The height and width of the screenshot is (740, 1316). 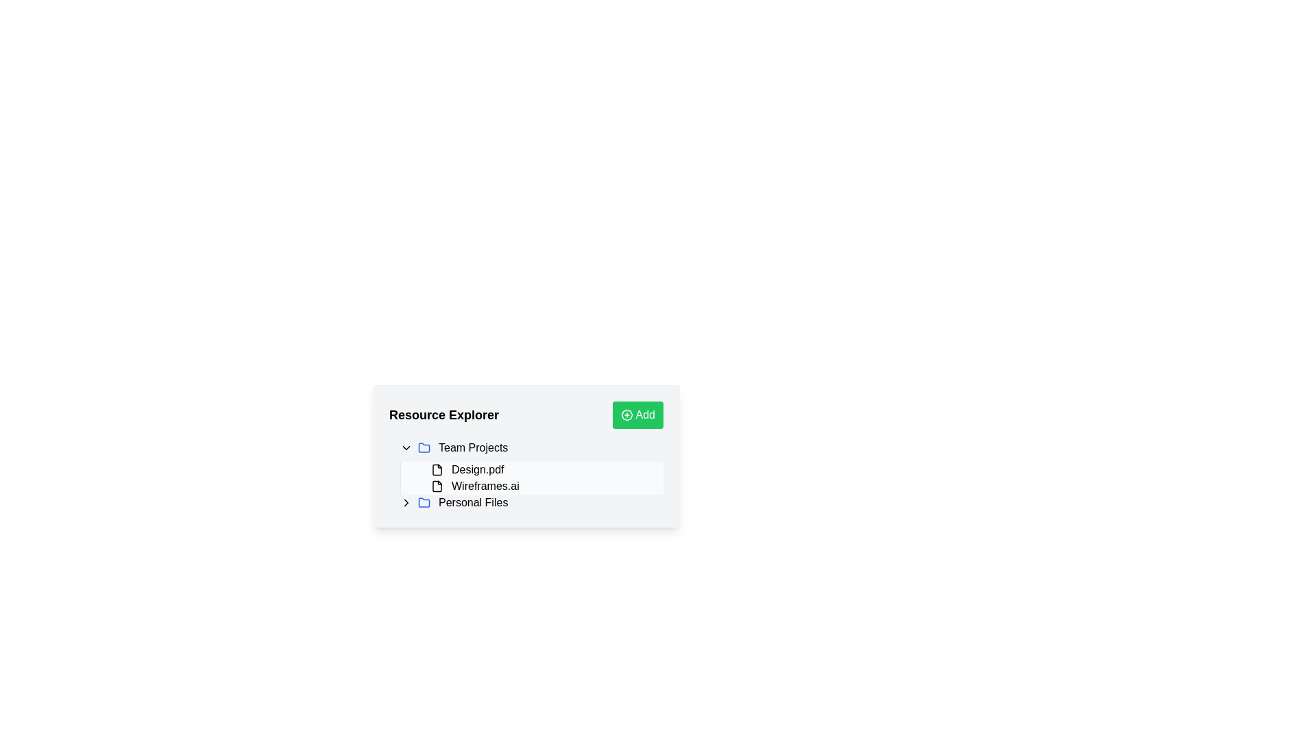 I want to click on the 'Personal Files' folder element in the Resource Explorer, so click(x=531, y=502).